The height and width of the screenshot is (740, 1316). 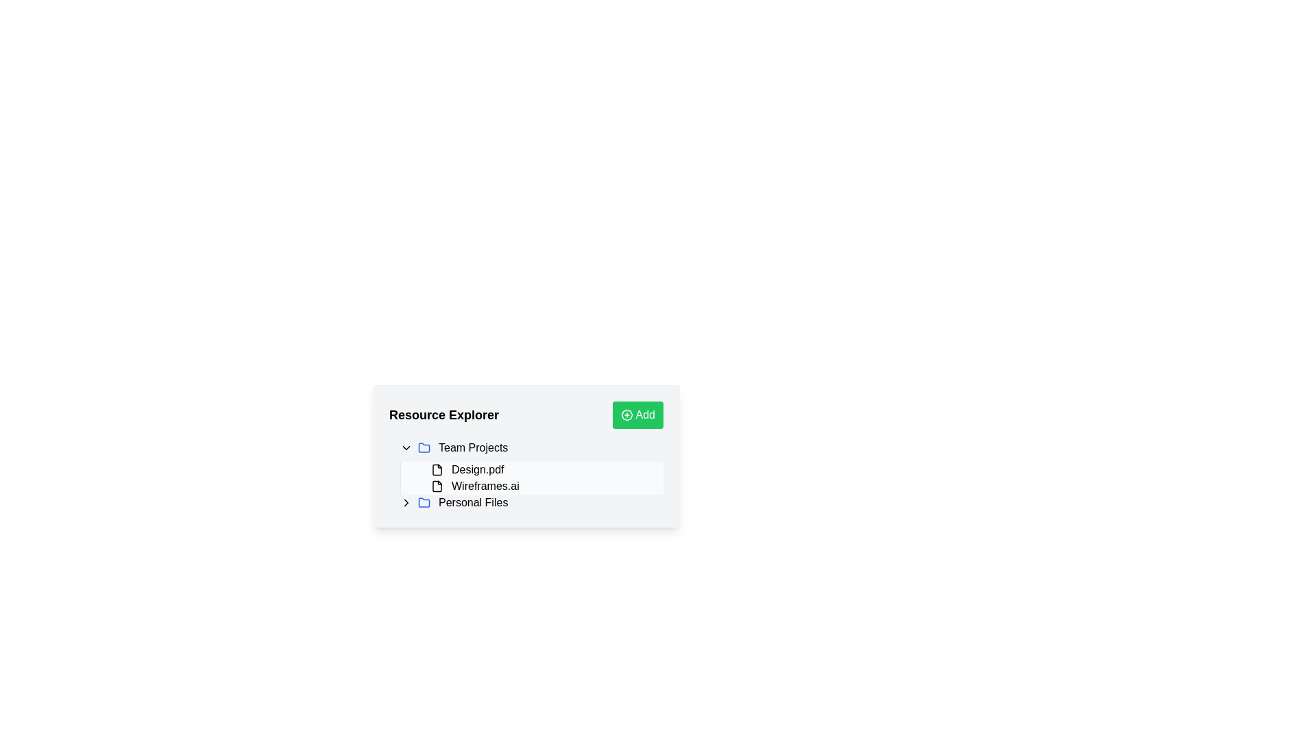 I want to click on the 'Personal Files' folder element in the Resource Explorer, so click(x=531, y=502).